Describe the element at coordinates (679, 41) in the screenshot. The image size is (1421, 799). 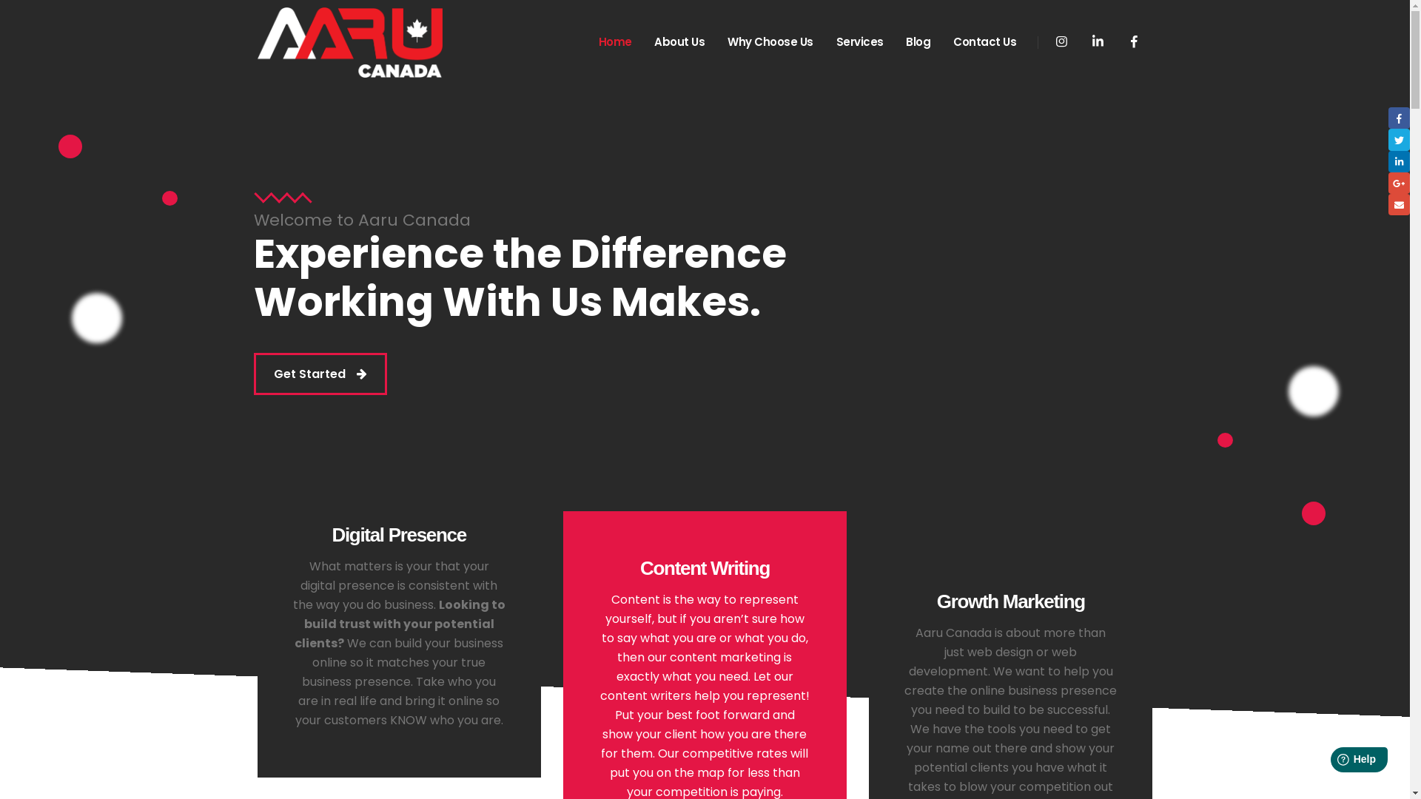
I see `'About Us'` at that location.